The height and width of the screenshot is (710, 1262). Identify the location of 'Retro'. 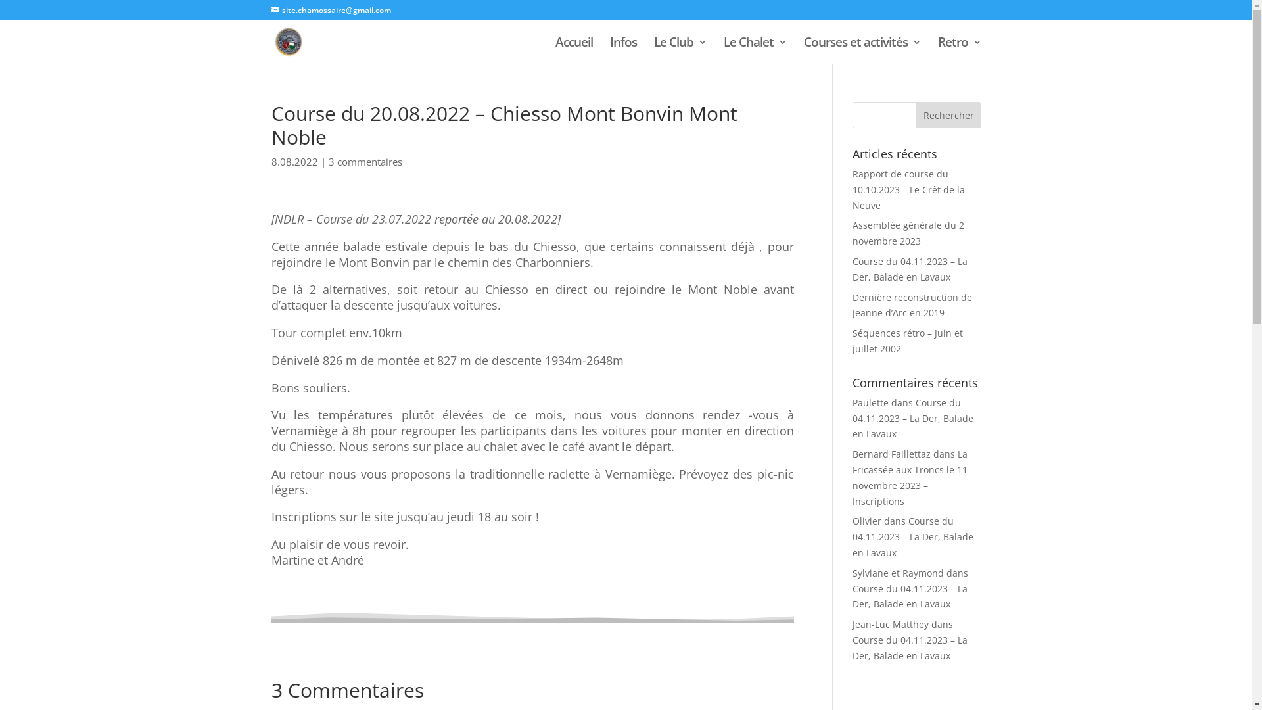
(936, 50).